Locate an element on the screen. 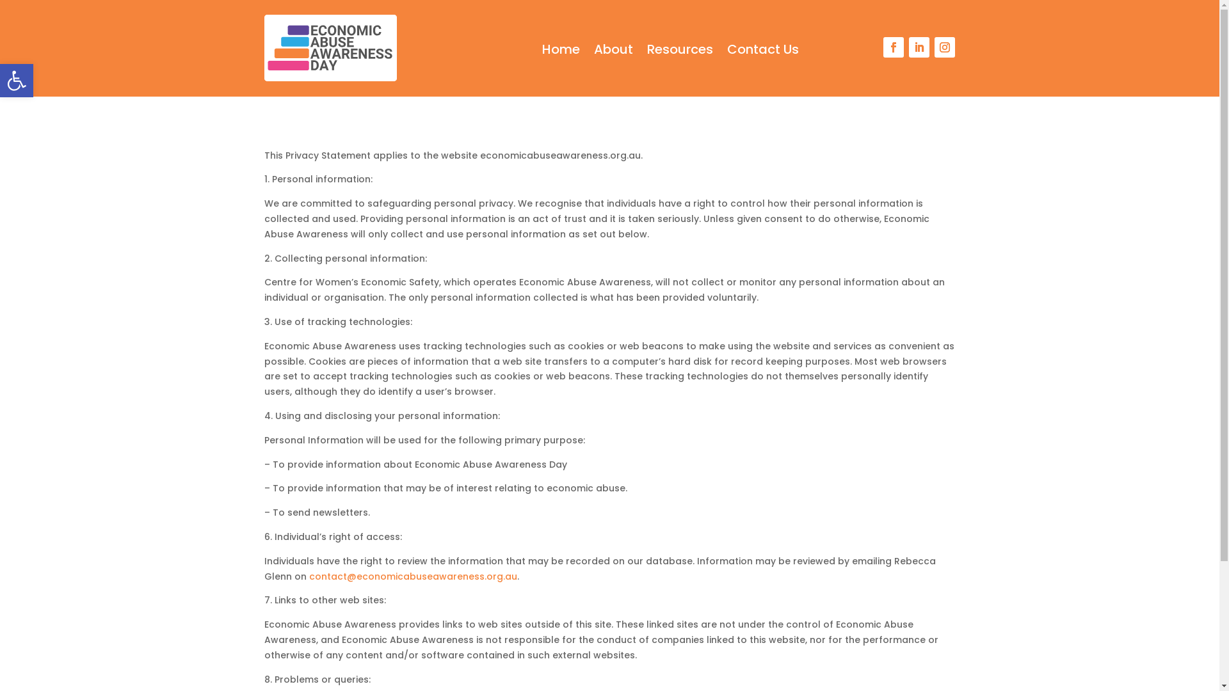 The height and width of the screenshot is (691, 1229). 'About' is located at coordinates (593, 51).